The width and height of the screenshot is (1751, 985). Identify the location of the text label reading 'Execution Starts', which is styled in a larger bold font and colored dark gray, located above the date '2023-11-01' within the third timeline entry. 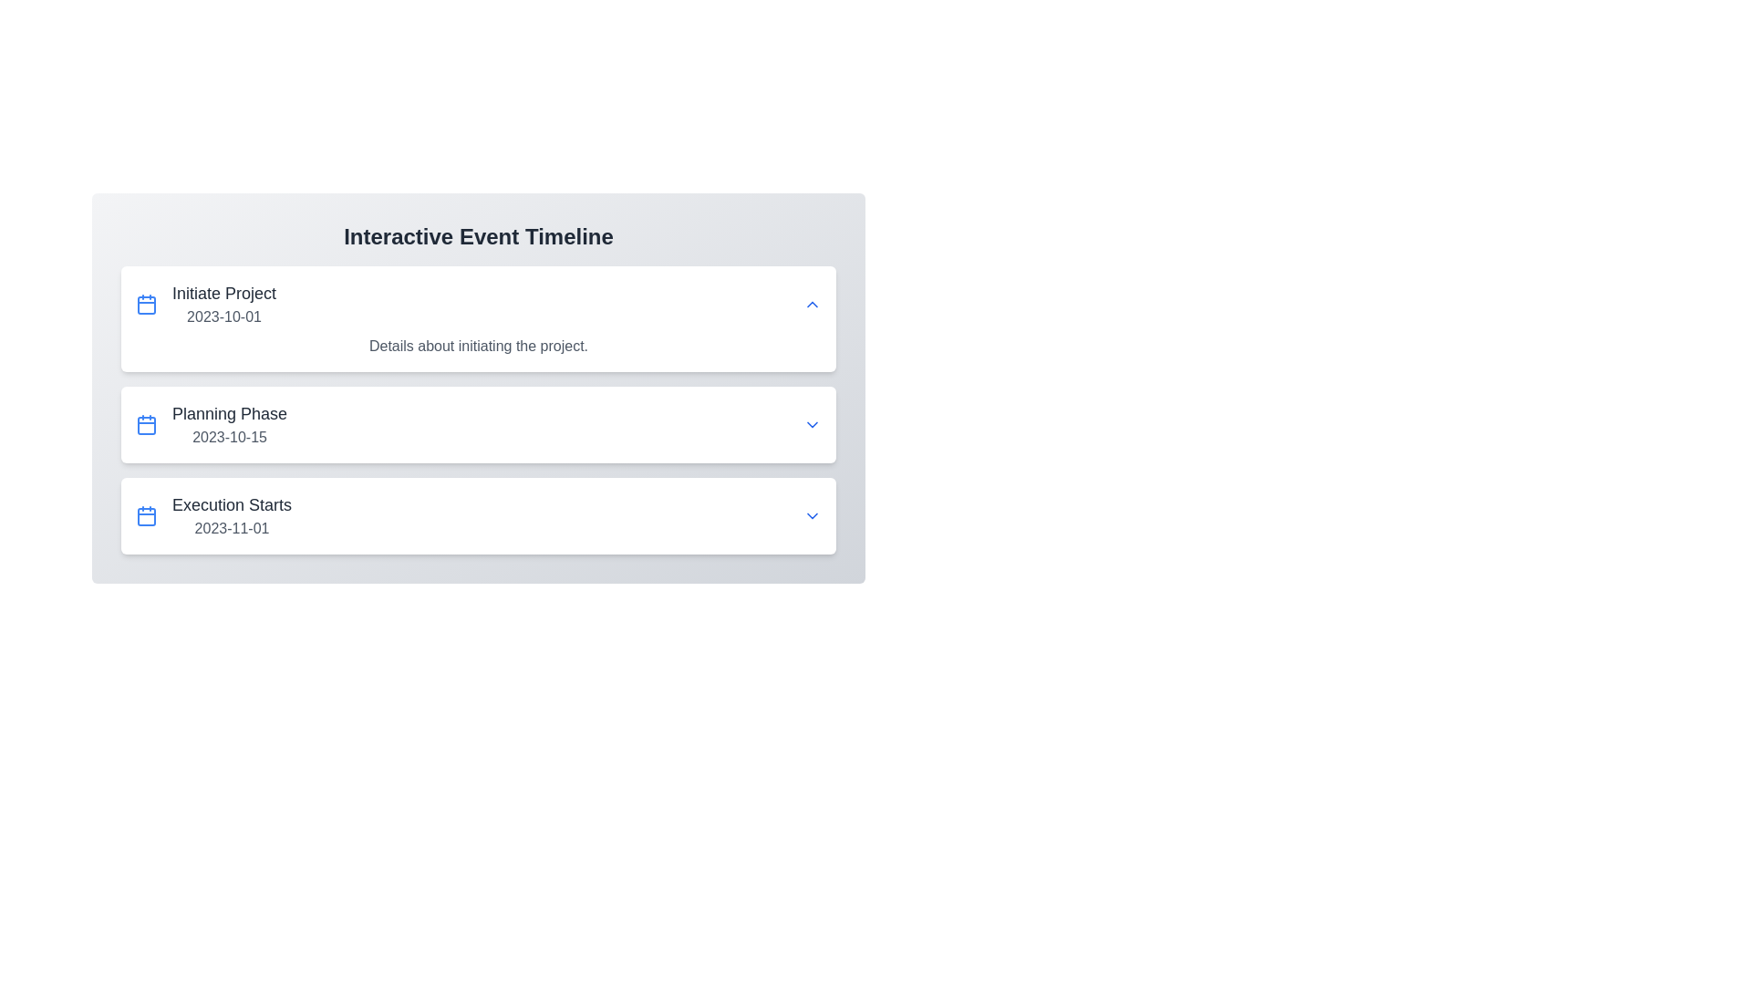
(231, 505).